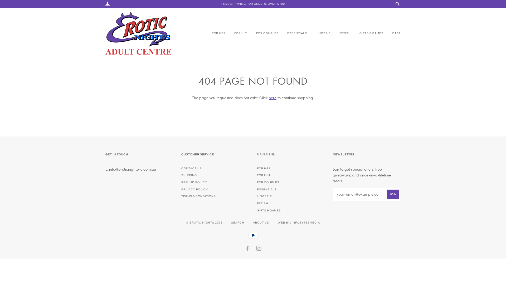  What do you see at coordinates (237, 222) in the screenshot?
I see `'SEARCH'` at bounding box center [237, 222].